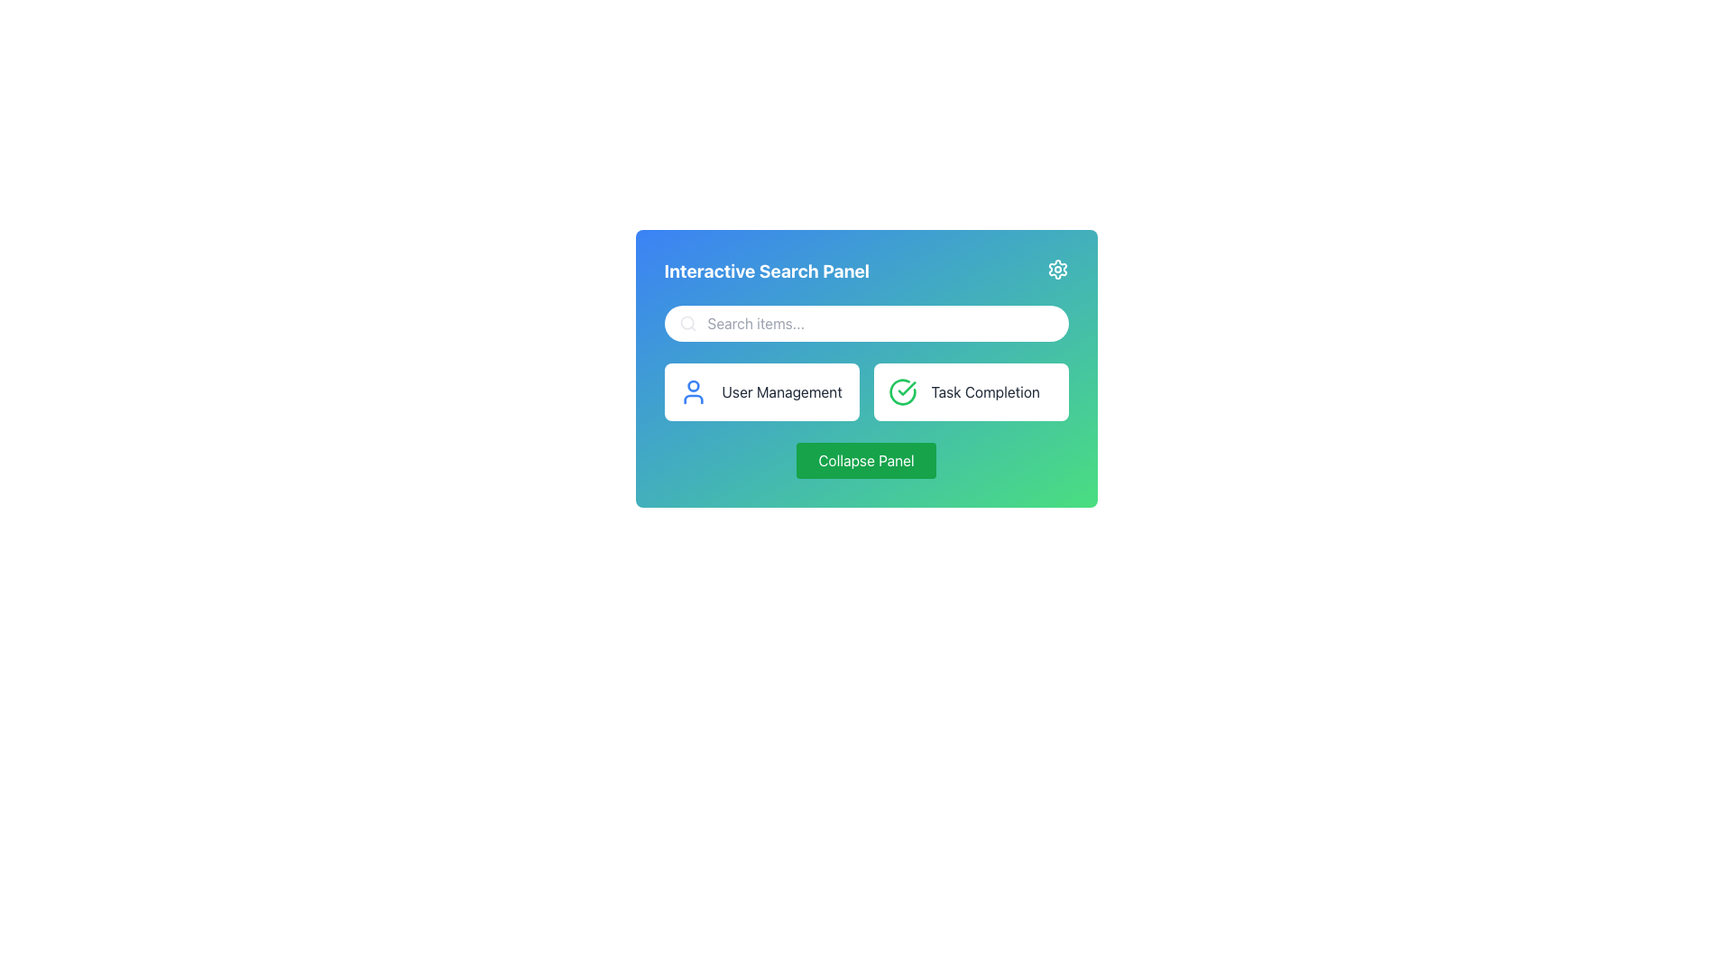  I want to click on the settings control represented by the cogwheel SVG icon located in the top-right corner of the central panel interface to initiate settings, so click(1057, 270).